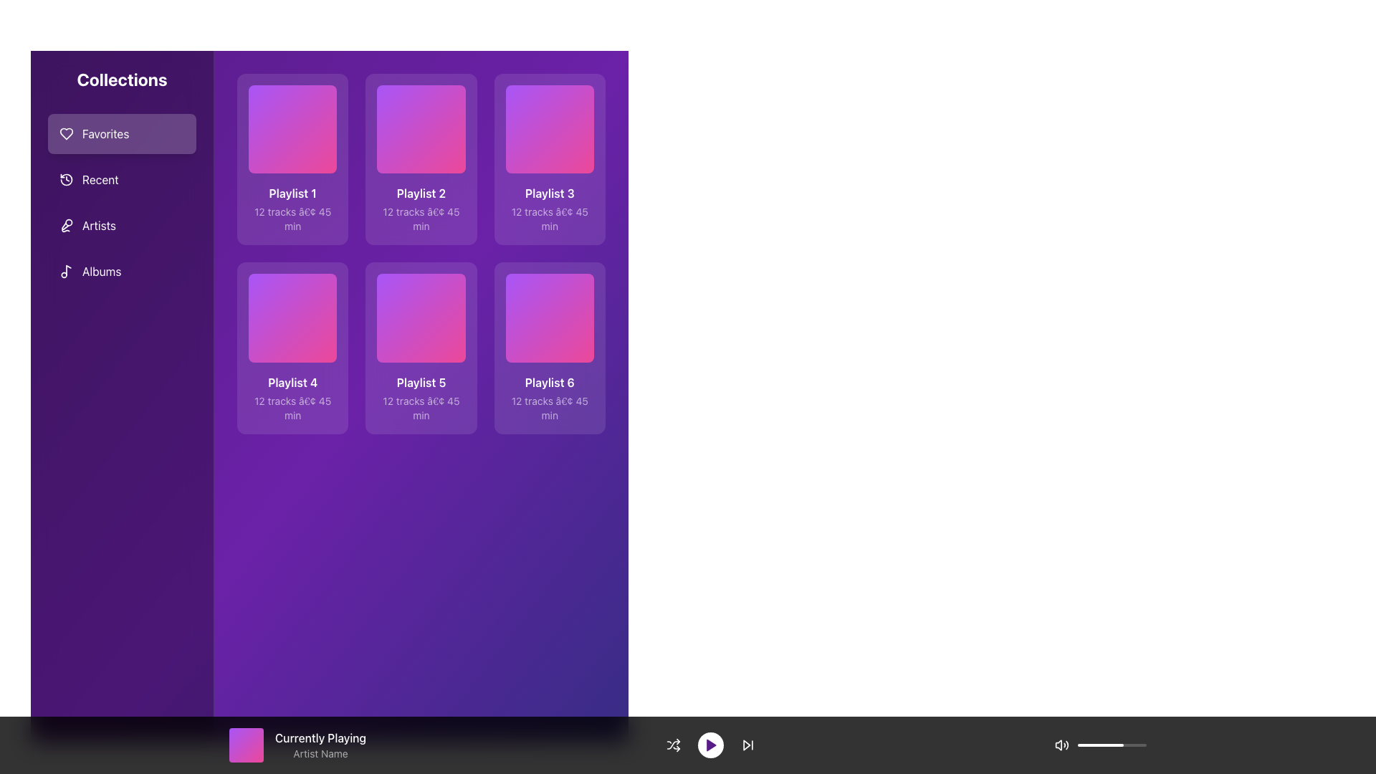 The height and width of the screenshot is (774, 1376). Describe the element at coordinates (1141, 745) in the screenshot. I see `the volume` at that location.